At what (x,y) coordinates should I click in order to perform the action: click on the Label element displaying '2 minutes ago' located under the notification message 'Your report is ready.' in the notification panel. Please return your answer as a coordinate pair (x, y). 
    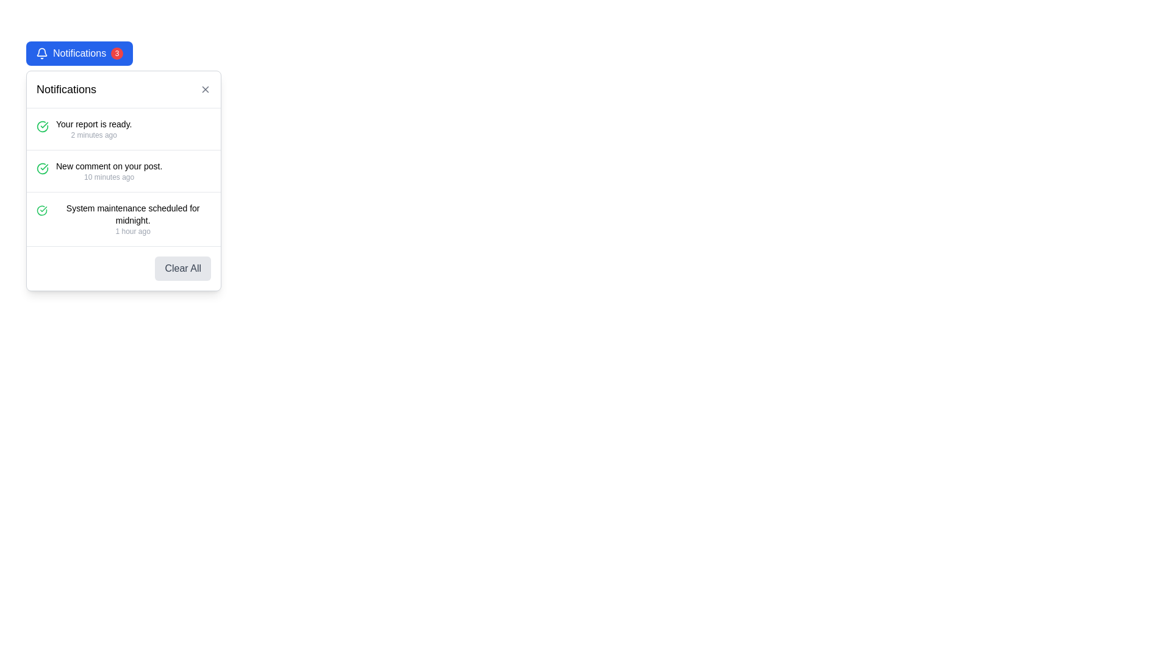
    Looking at the image, I should click on (93, 135).